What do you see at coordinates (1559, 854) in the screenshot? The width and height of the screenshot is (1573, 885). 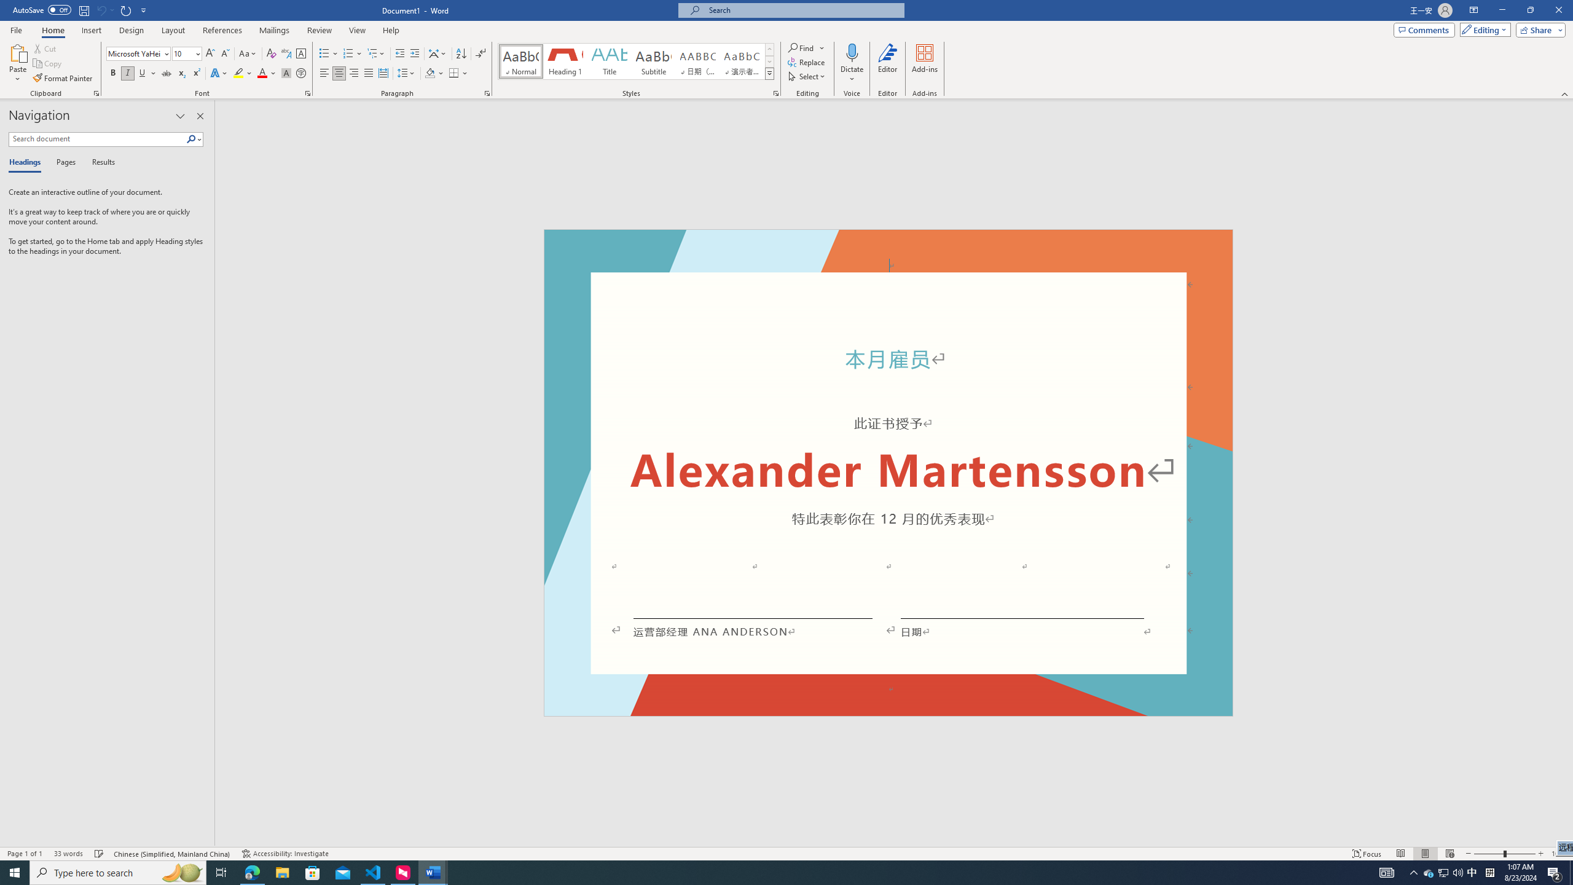 I see `'Zoom 100%'` at bounding box center [1559, 854].